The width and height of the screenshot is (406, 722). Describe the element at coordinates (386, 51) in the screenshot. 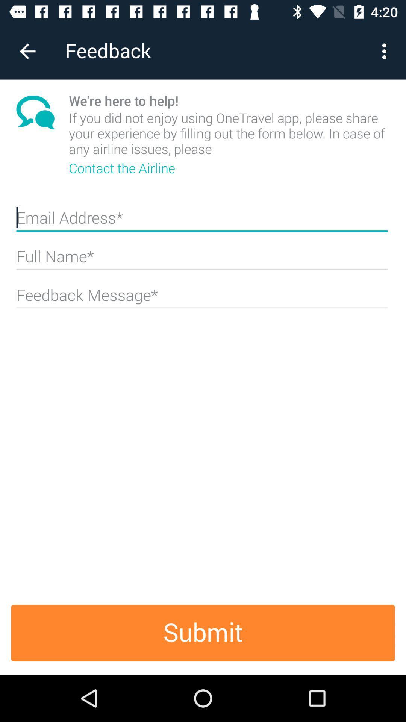

I see `the item at the top right corner` at that location.